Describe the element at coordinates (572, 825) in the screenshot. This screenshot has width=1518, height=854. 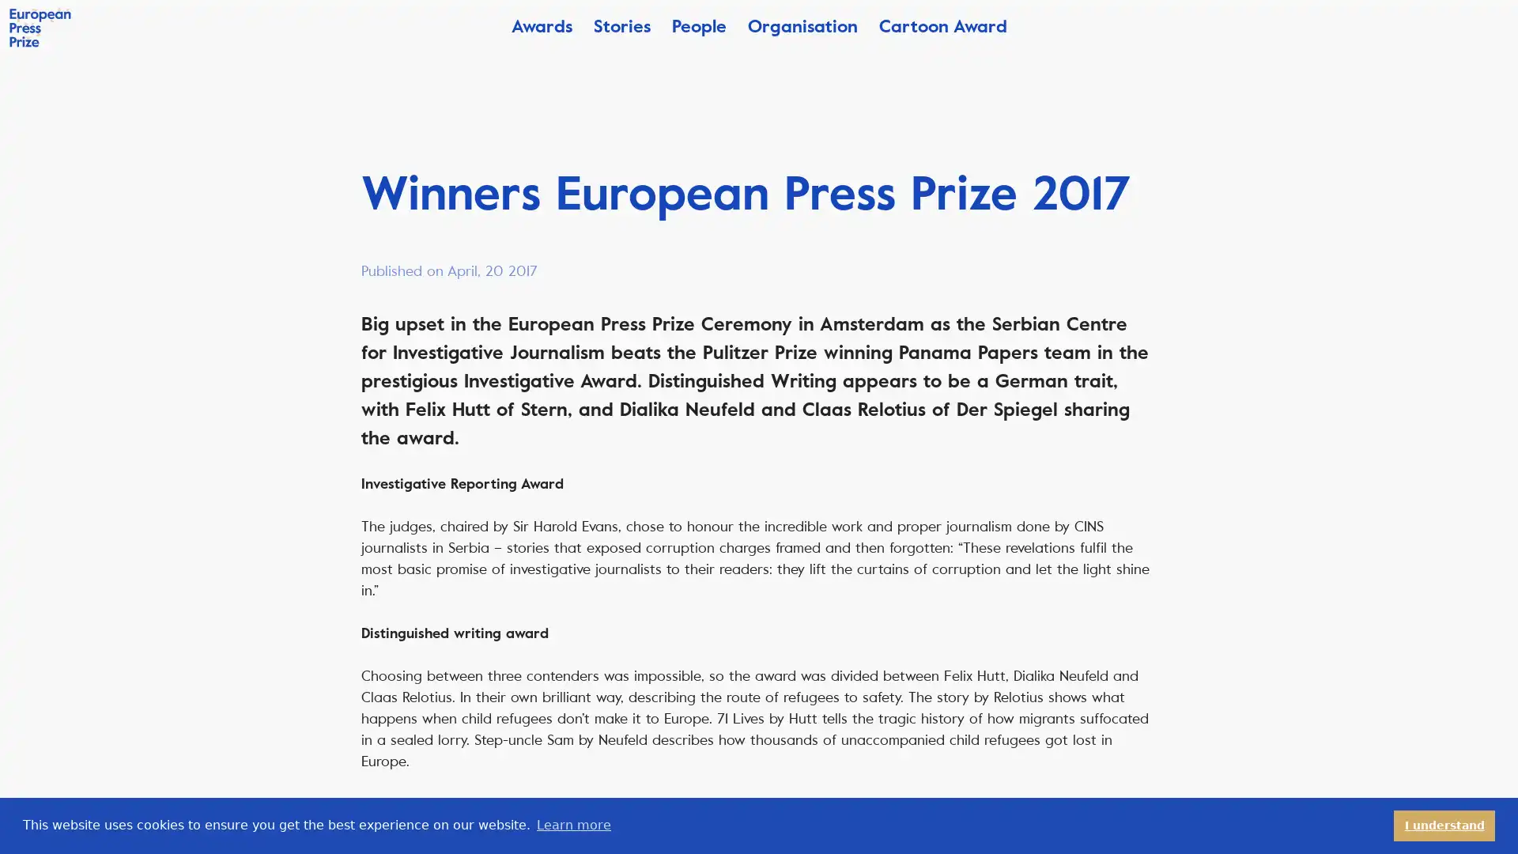
I see `learn more about cookies` at that location.